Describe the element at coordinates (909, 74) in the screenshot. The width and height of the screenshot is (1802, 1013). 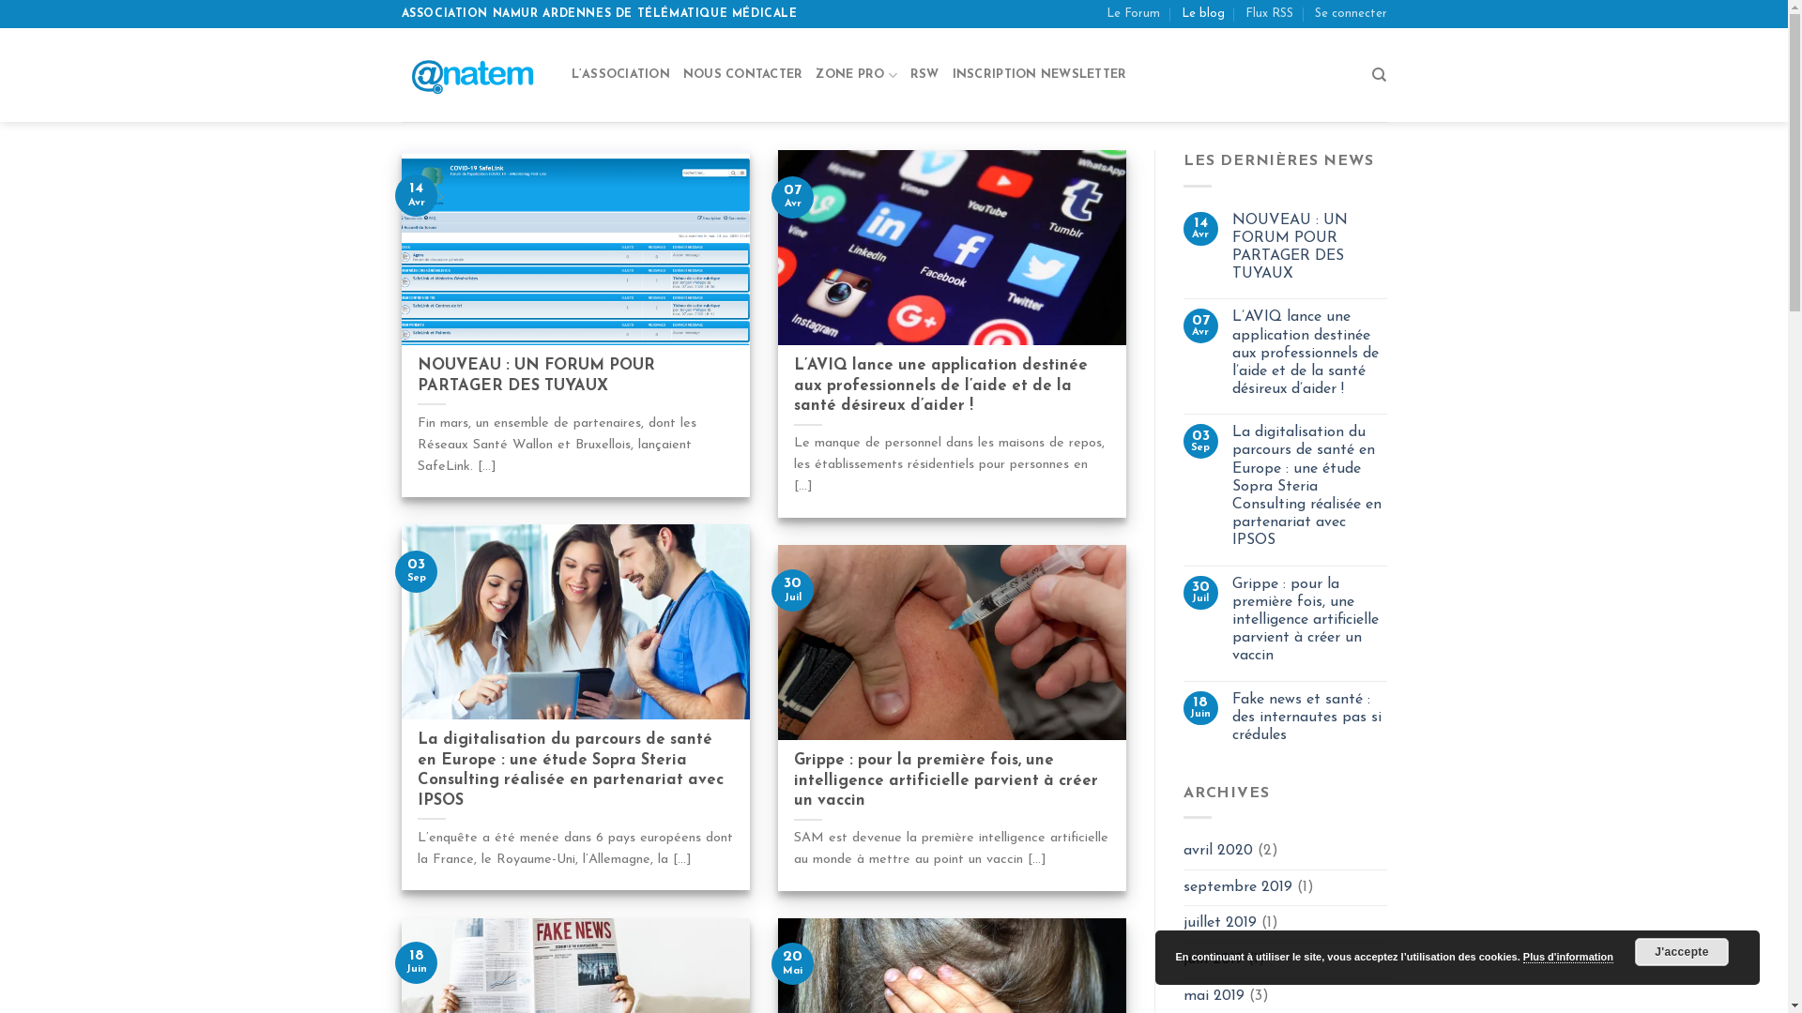
I see `'RSW'` at that location.